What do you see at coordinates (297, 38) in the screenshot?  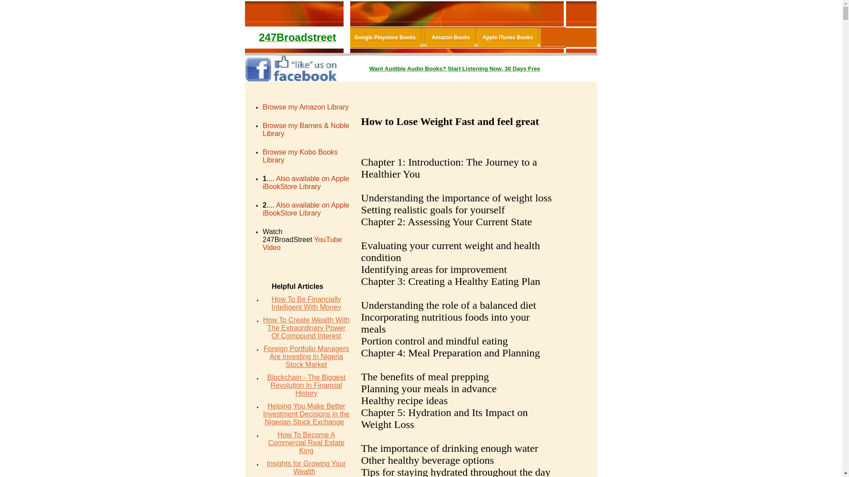 I see `'247Broadstreet'` at bounding box center [297, 38].